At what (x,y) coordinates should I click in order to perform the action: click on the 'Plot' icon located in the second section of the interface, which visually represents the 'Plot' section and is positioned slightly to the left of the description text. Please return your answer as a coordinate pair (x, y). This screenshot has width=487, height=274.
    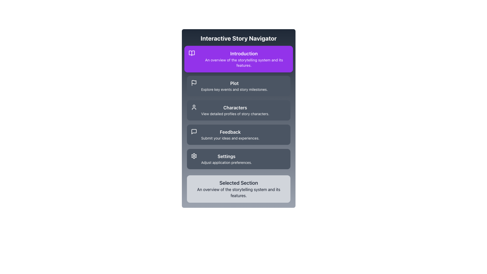
    Looking at the image, I should click on (194, 82).